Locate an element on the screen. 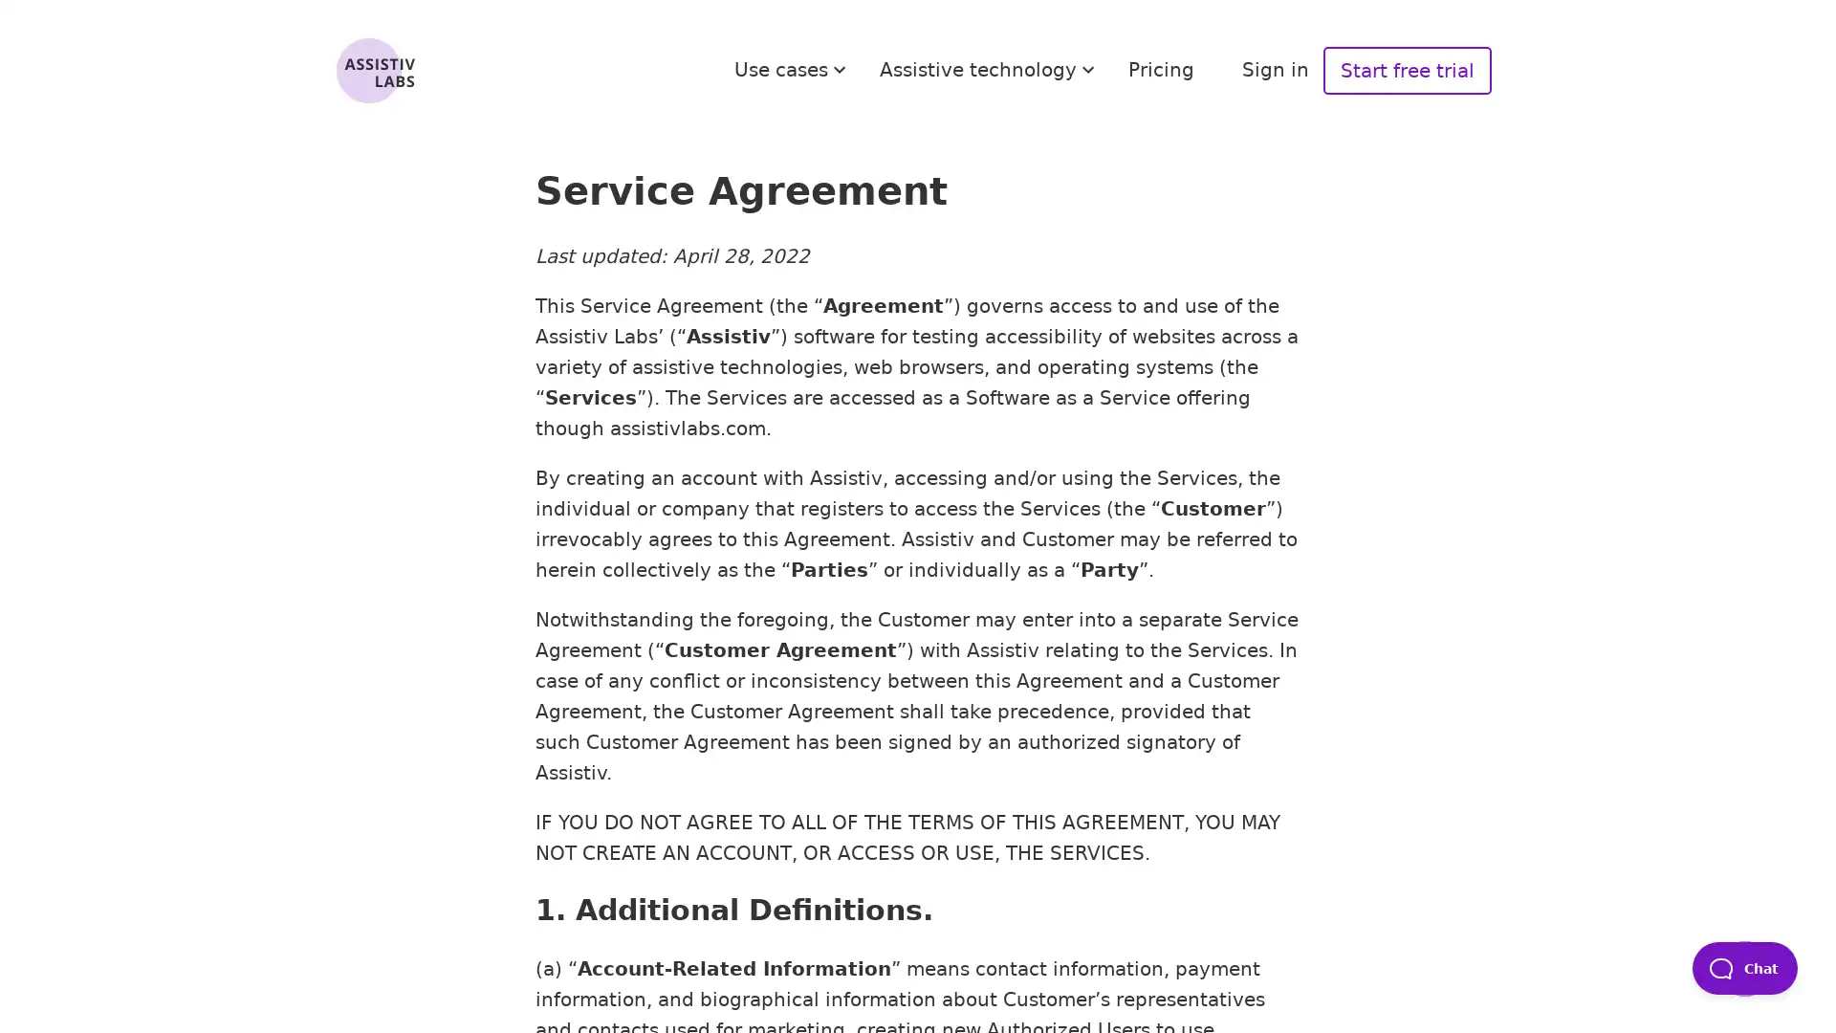 This screenshot has width=1836, height=1033. Assistive technology is located at coordinates (990, 69).